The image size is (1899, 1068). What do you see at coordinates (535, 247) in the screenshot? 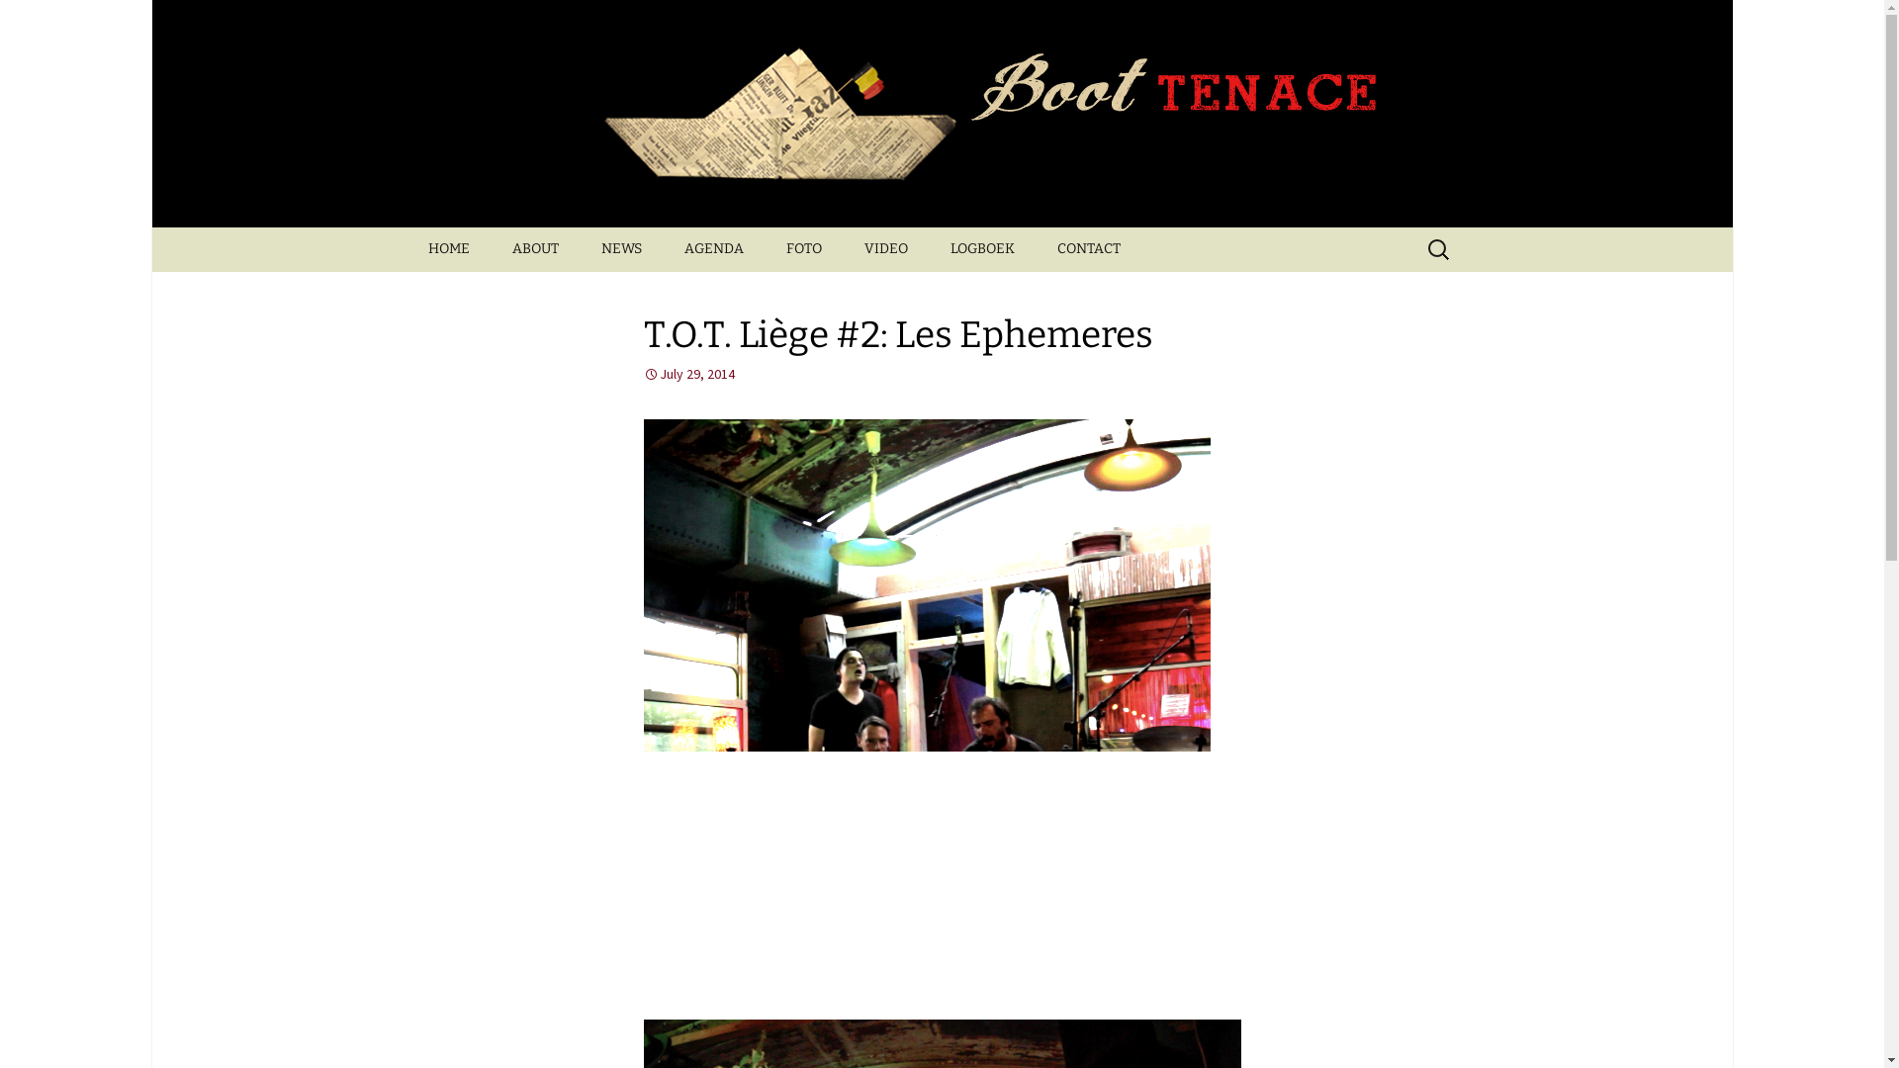
I see `'ABOUT'` at bounding box center [535, 247].